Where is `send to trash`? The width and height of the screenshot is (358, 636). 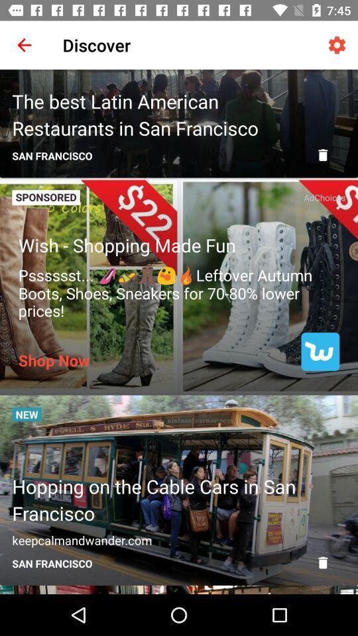
send to trash is located at coordinates (322, 562).